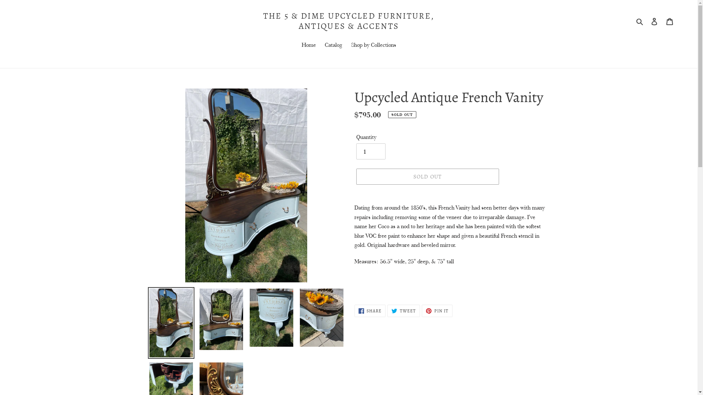 The height and width of the screenshot is (395, 703). Describe the element at coordinates (669, 20) in the screenshot. I see `'Cart'` at that location.